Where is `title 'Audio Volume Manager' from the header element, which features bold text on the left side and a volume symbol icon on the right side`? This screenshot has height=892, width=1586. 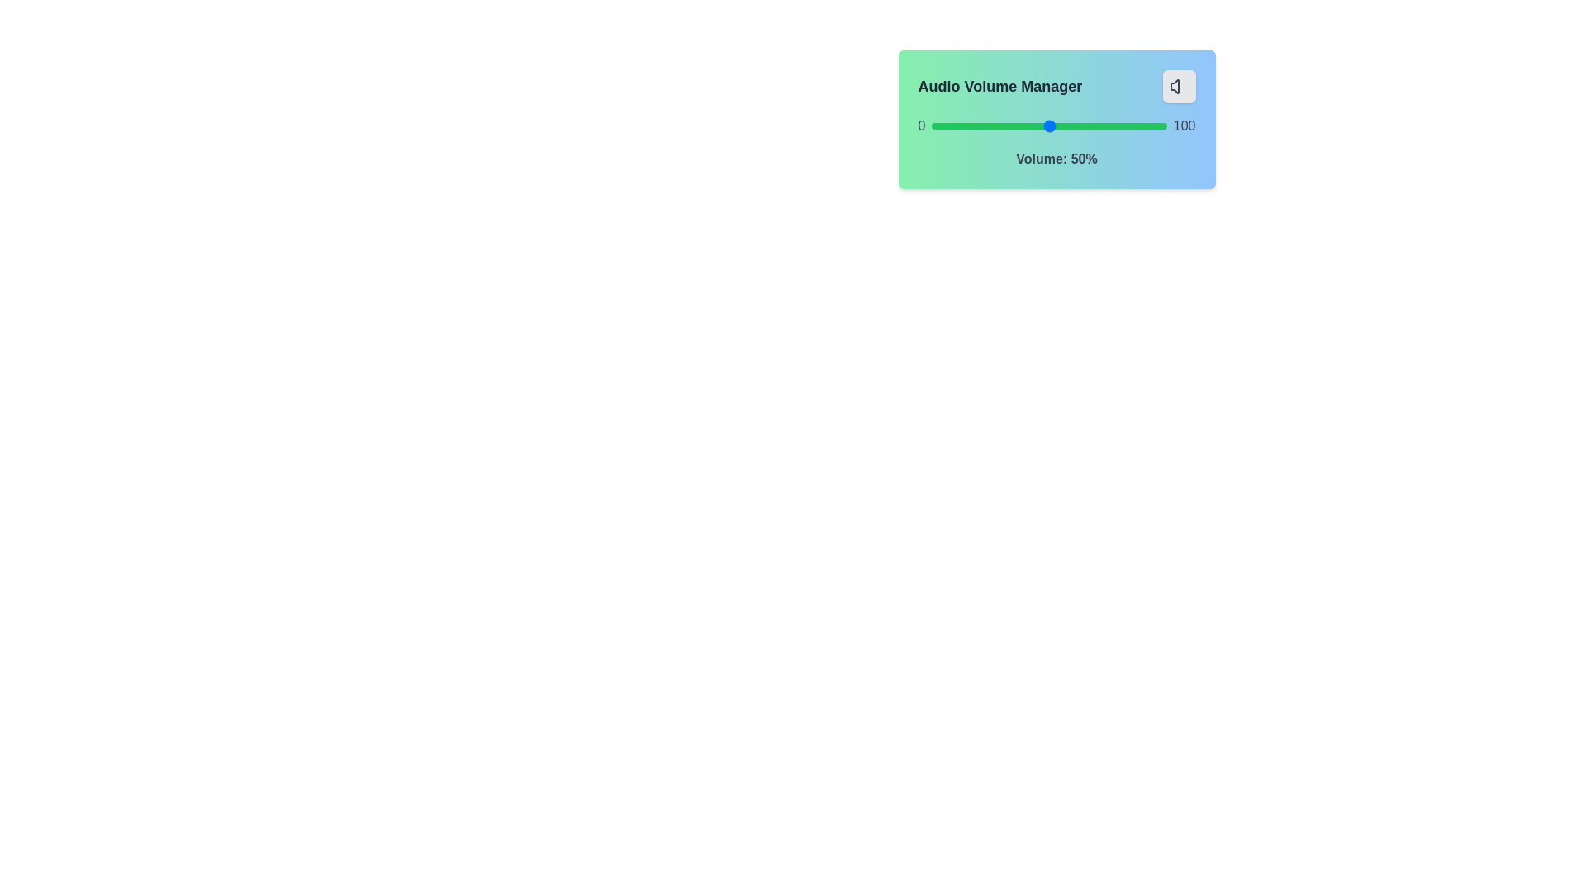 title 'Audio Volume Manager' from the header element, which features bold text on the left side and a volume symbol icon on the right side is located at coordinates (1056, 86).